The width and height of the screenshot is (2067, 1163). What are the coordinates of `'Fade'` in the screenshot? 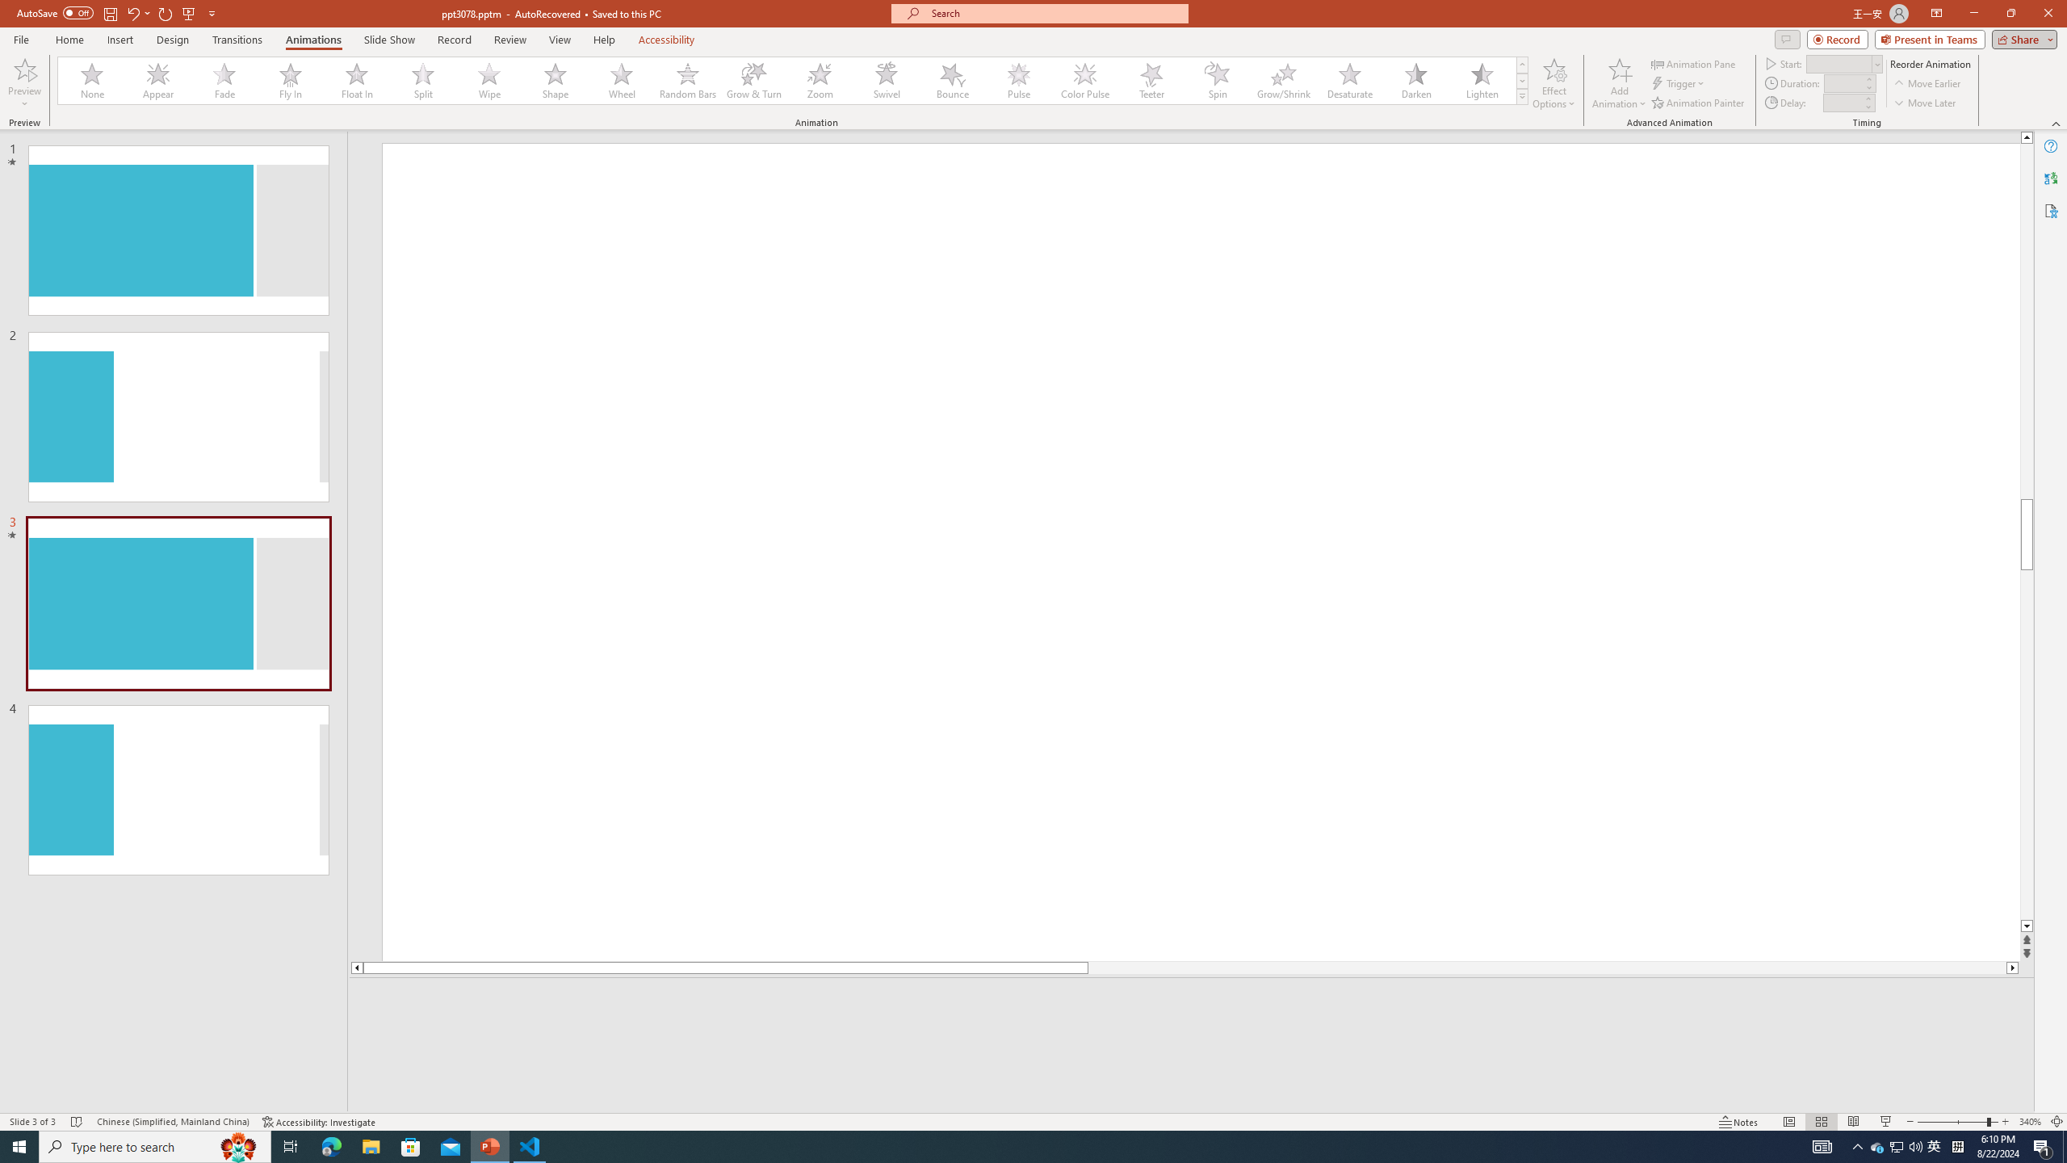 It's located at (224, 80).